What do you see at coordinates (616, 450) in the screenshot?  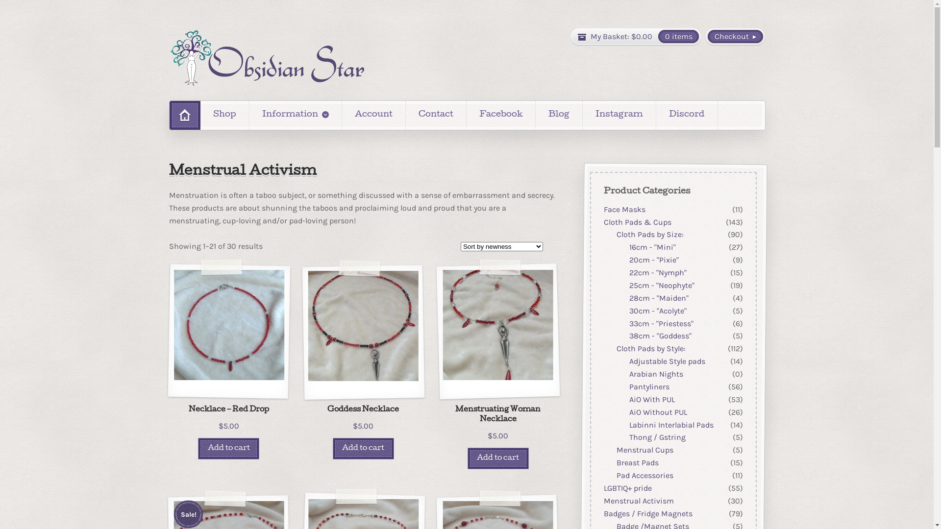 I see `'Menstrual Cups'` at bounding box center [616, 450].